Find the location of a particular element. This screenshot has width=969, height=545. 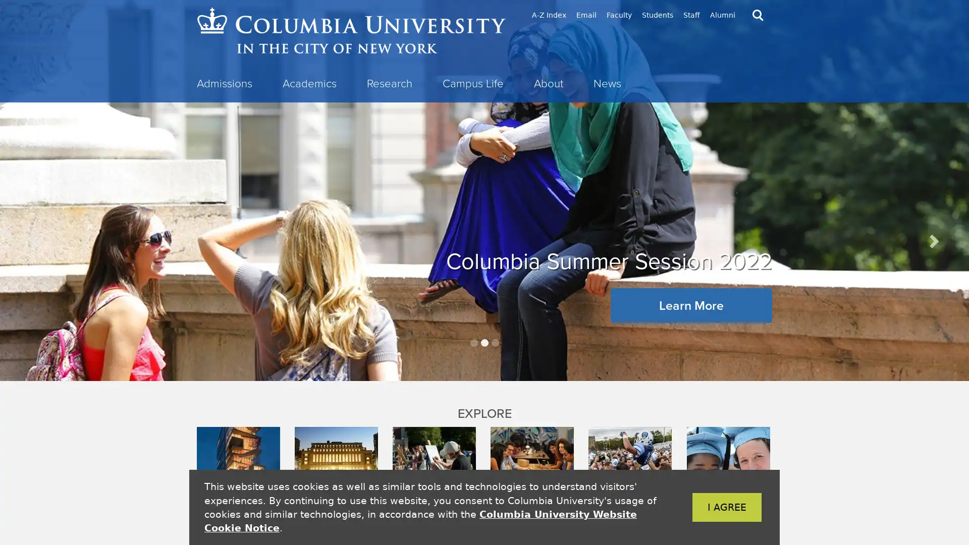

Previous is located at coordinates (36, 241).